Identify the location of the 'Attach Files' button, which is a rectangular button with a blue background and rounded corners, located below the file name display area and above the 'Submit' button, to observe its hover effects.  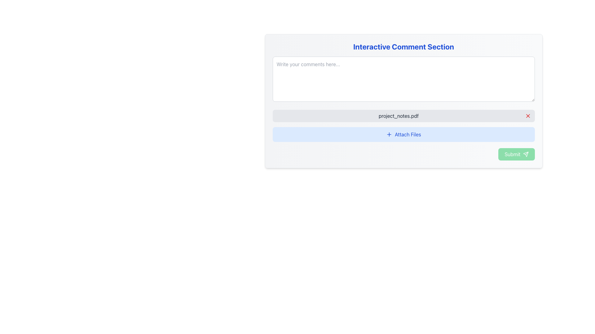
(403, 134).